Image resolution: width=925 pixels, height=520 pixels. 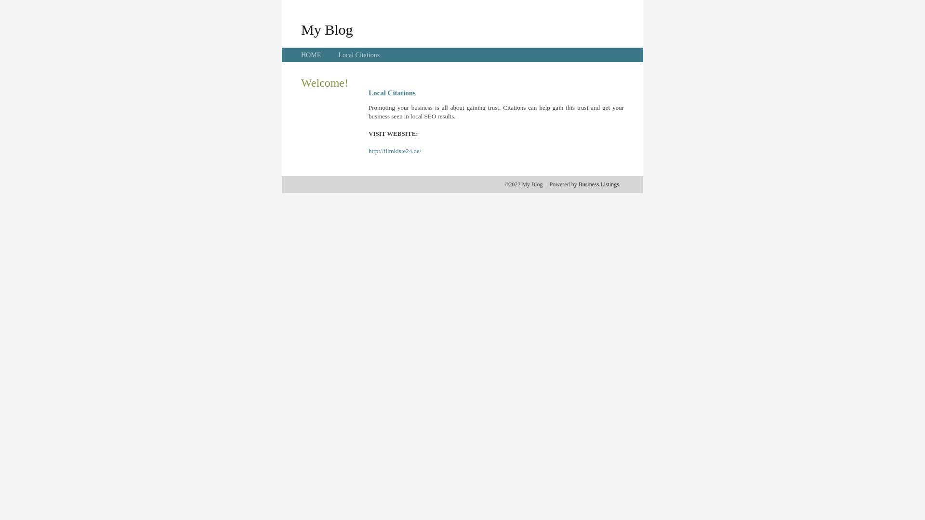 I want to click on 'My Blog', so click(x=300, y=29).